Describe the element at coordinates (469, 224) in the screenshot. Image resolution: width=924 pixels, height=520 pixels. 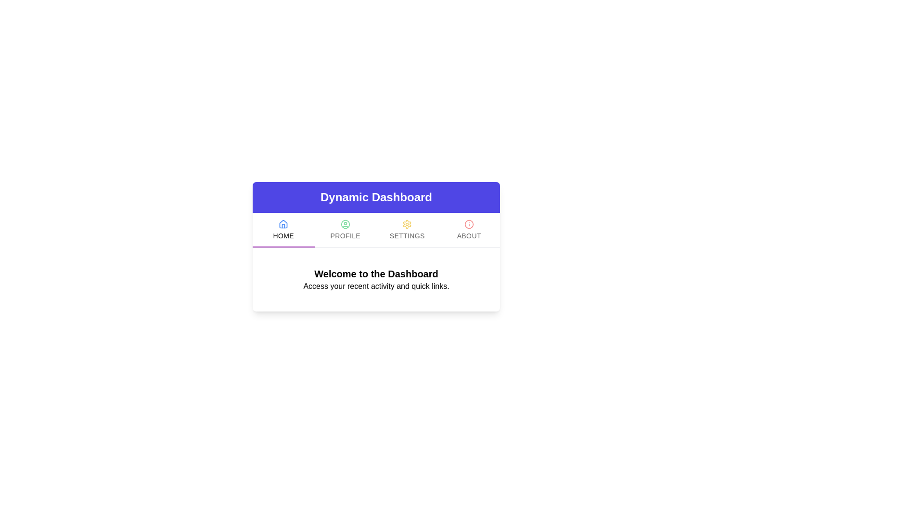
I see `the 'About' icon located in the top-right corner of the navigation bar, next to the 'Home', 'Profile', and 'Settings' icons` at that location.